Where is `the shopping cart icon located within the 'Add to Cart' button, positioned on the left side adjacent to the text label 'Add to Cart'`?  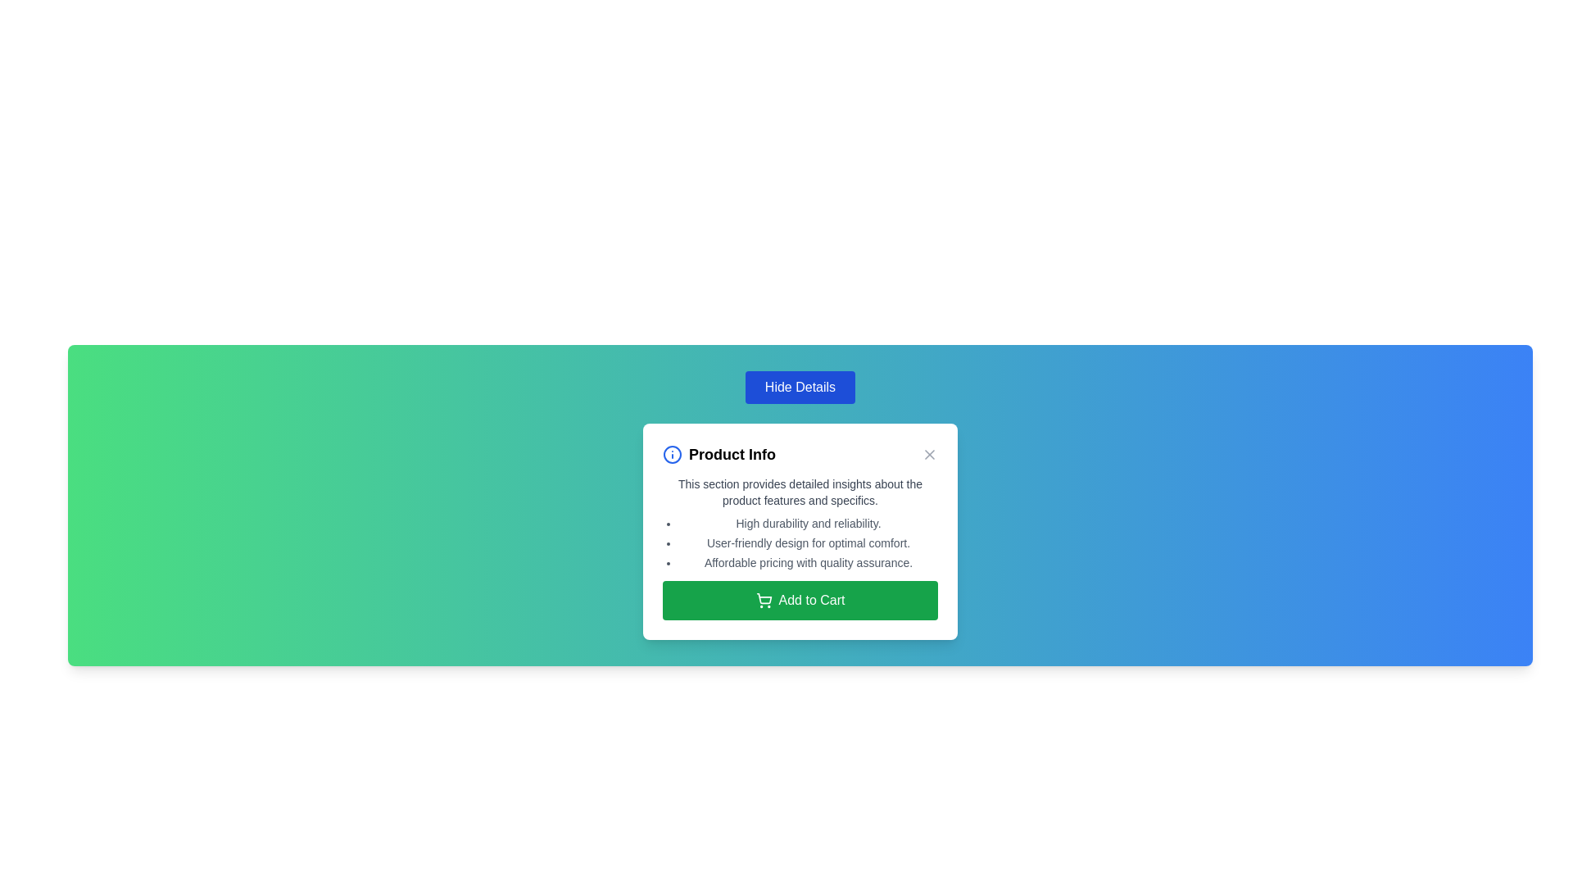
the shopping cart icon located within the 'Add to Cart' button, positioned on the left side adjacent to the text label 'Add to Cart' is located at coordinates (763, 600).